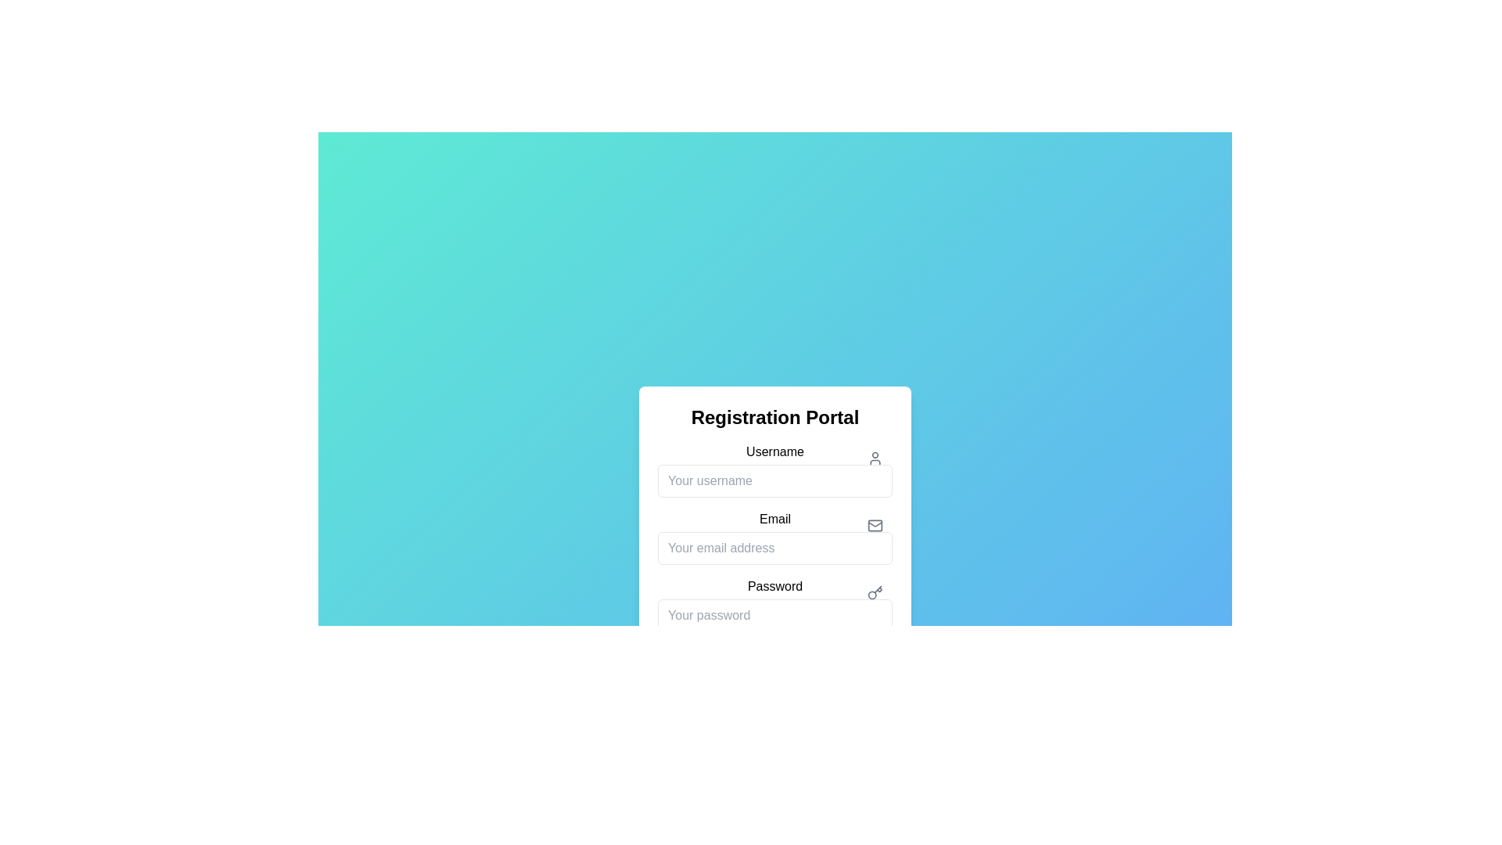  I want to click on the Password input field to focus on it, which is the third input field in the registration form after the Username and Email fields, so click(774, 603).